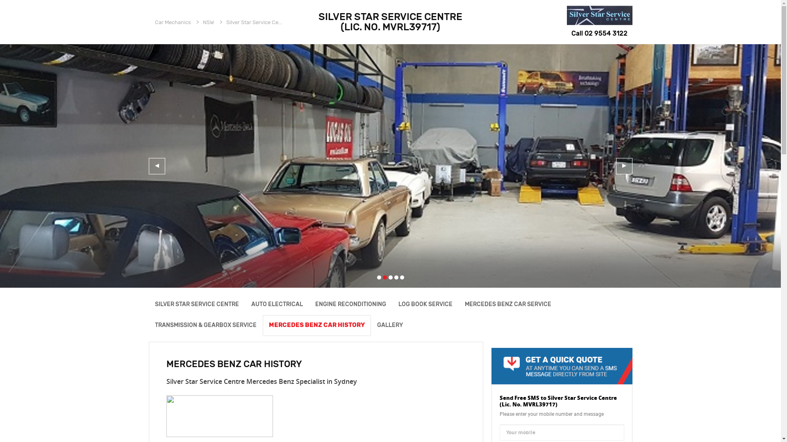 The height and width of the screenshot is (442, 787). Describe the element at coordinates (173, 22) in the screenshot. I see `'Car Mechanics'` at that location.